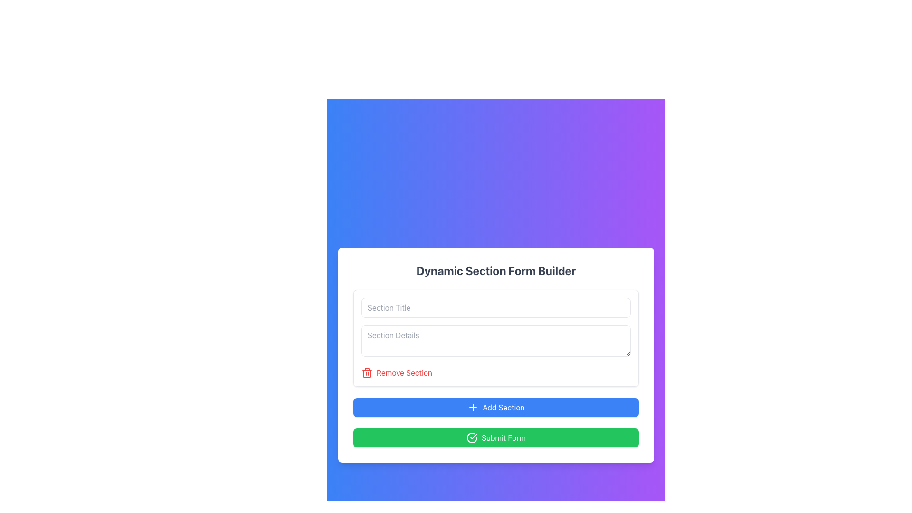 The height and width of the screenshot is (513, 912). What do you see at coordinates (366, 372) in the screenshot?
I see `the 'Remove Section' button by clicking on the trash bin icon located to the left of the button's label` at bounding box center [366, 372].